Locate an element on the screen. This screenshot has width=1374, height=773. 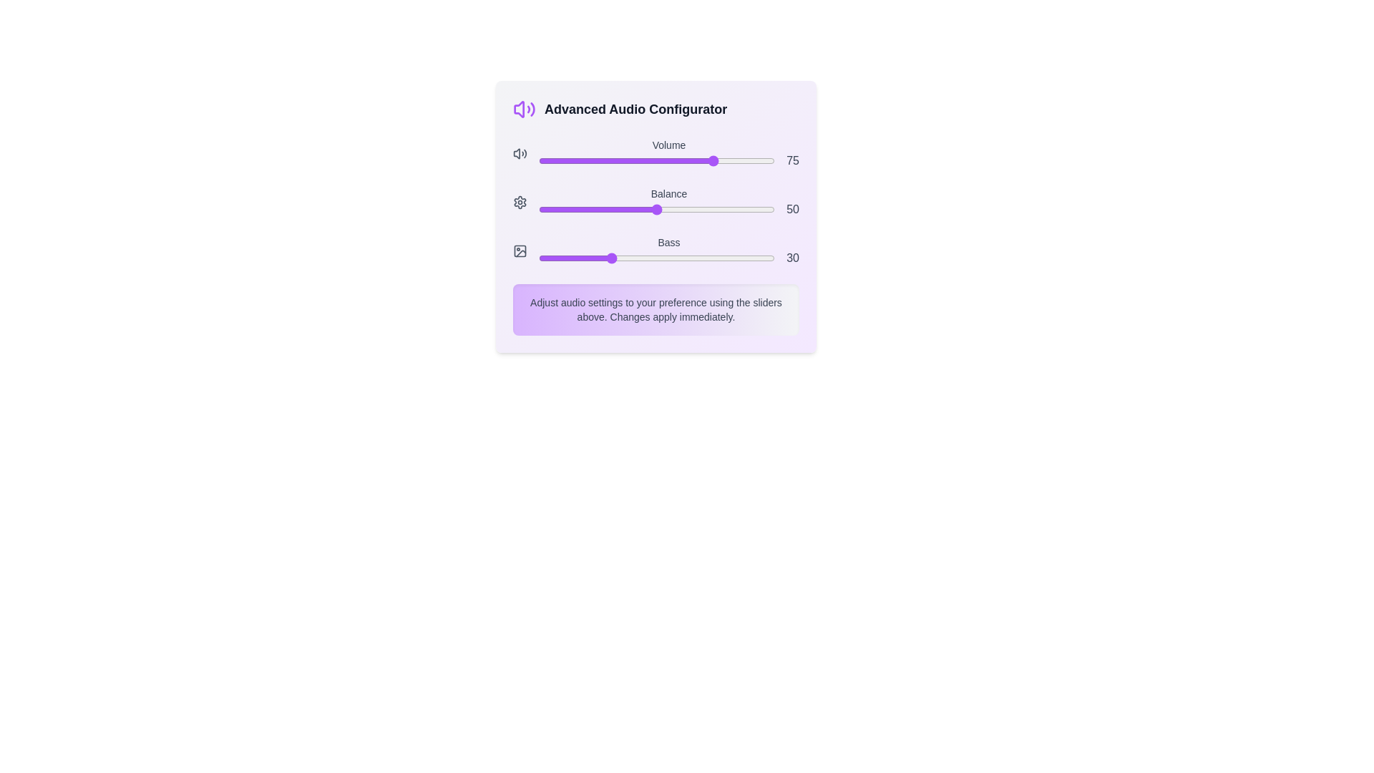
the Bass slider to 48 is located at coordinates (651, 258).